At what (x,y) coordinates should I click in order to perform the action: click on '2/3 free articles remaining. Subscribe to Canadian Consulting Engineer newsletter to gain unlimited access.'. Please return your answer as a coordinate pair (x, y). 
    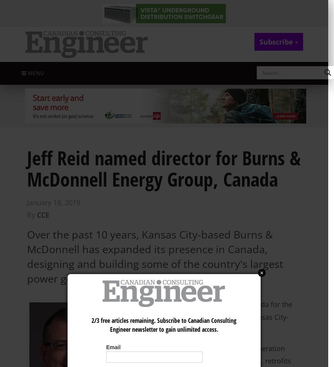
    Looking at the image, I should click on (91, 324).